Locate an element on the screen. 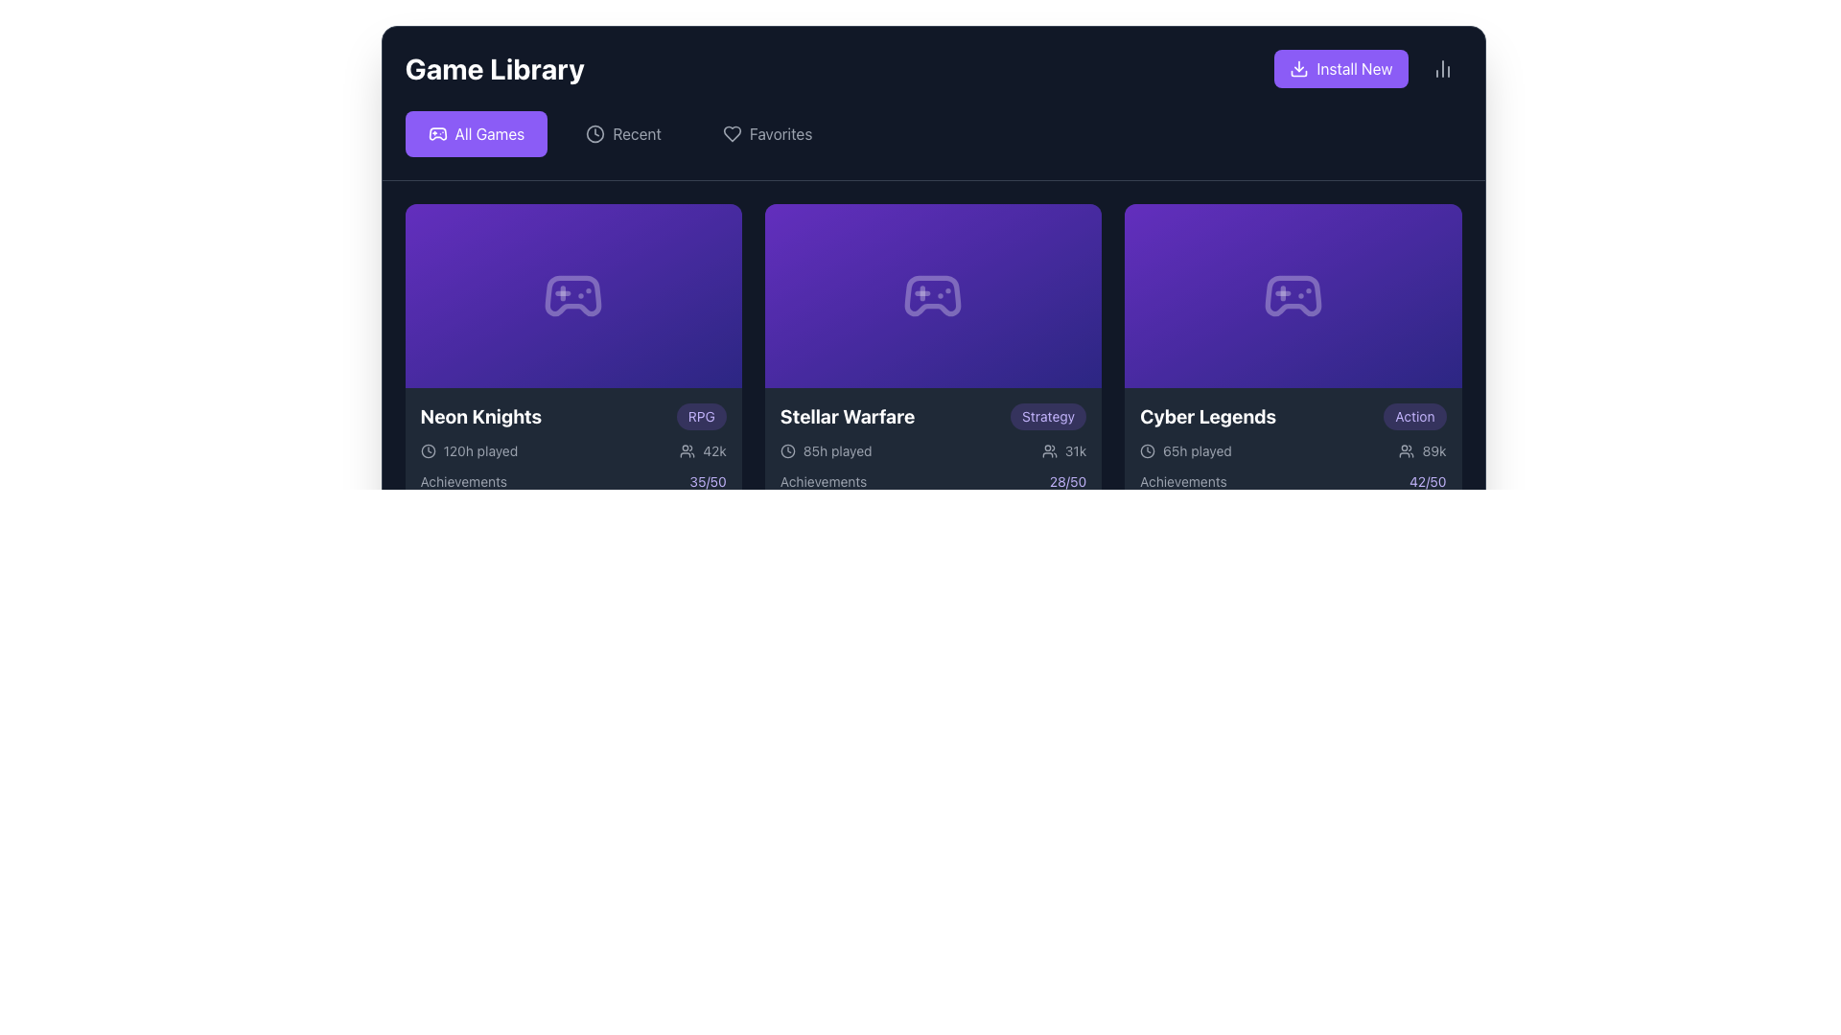 Image resolution: width=1841 pixels, height=1035 pixels. the Text display that shows the player's achievement progress in the 'Cyber Legends' game, located above a progress bar in the rightmost game card is located at coordinates (1293, 480).